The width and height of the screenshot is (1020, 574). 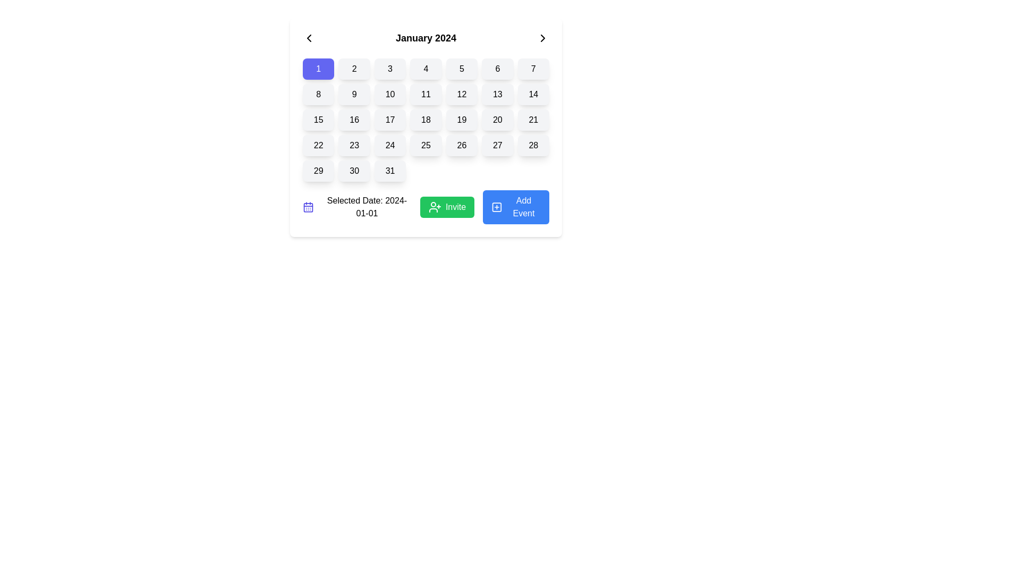 I want to click on the 'Add Event' button, which contains an icon on the left side of its text, so click(x=496, y=207).